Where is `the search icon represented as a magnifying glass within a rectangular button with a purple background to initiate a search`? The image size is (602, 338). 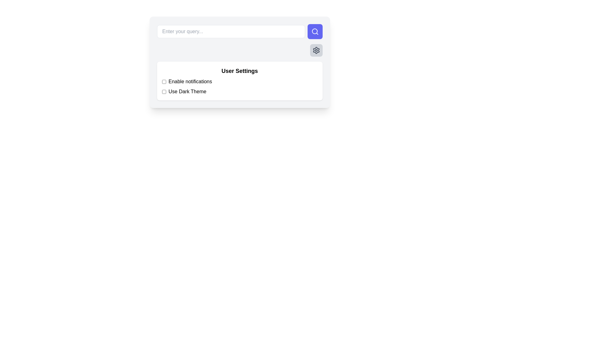
the search icon represented as a magnifying glass within a rectangular button with a purple background to initiate a search is located at coordinates (315, 31).